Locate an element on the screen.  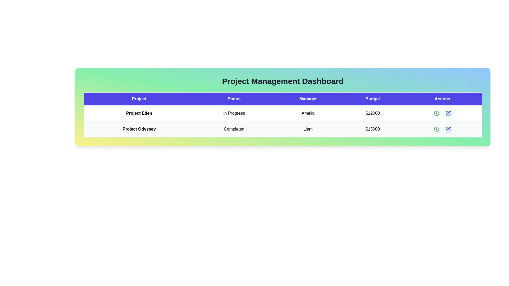
the Icon button in the 'Actions' column of the 'Project Eden' row is located at coordinates (448, 113).